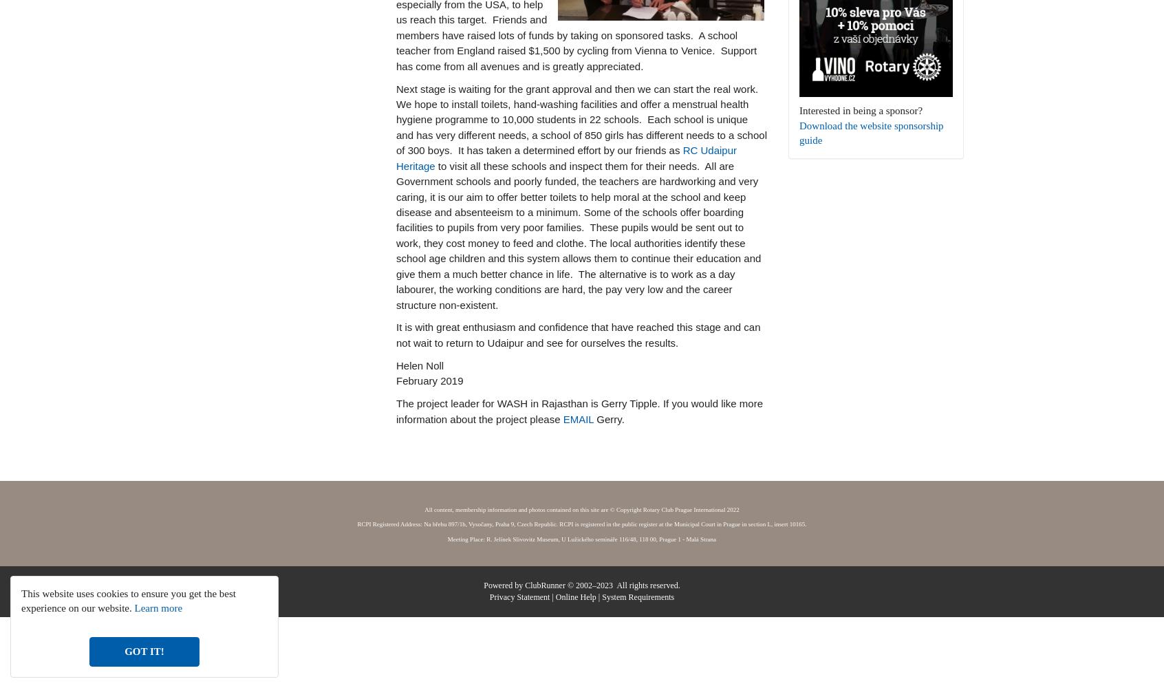 This screenshot has height=688, width=1164. Describe the element at coordinates (356, 524) in the screenshot. I see `'RCPI Registered Address: Na břehu 897/1b, Vysočany, Praha 9, Czech Republic. RCPI is registered in the public register at the Municipal Court in Prague in section L, insert 10165.'` at that location.